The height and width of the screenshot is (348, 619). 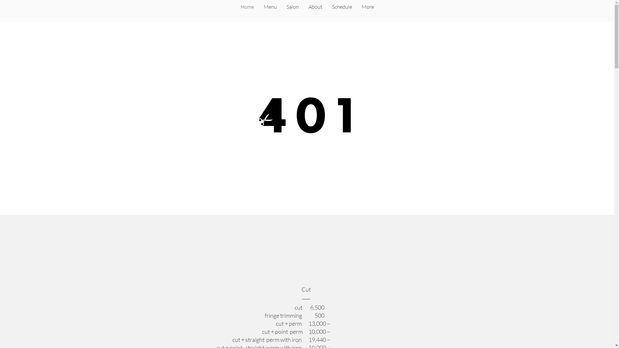 I want to click on 'Menu', so click(x=270, y=11).